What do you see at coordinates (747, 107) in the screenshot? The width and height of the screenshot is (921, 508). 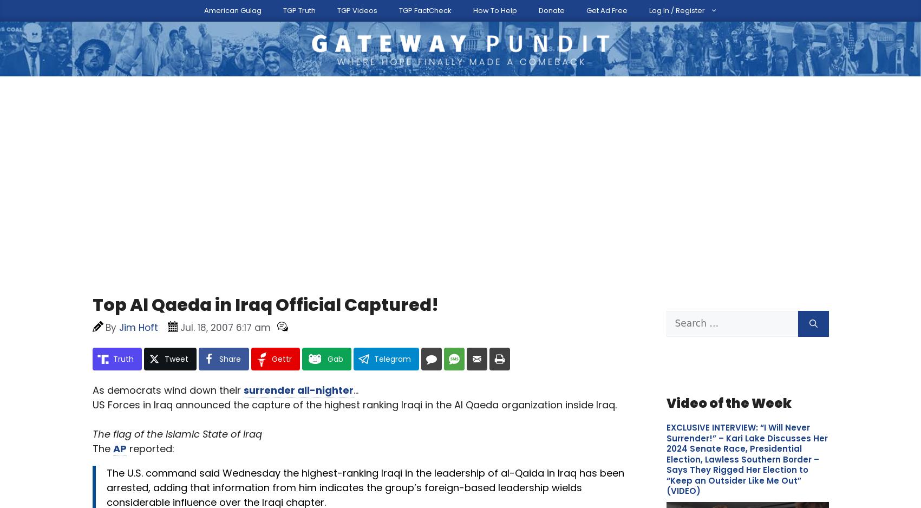 I see `'Please Donate Here'` at bounding box center [747, 107].